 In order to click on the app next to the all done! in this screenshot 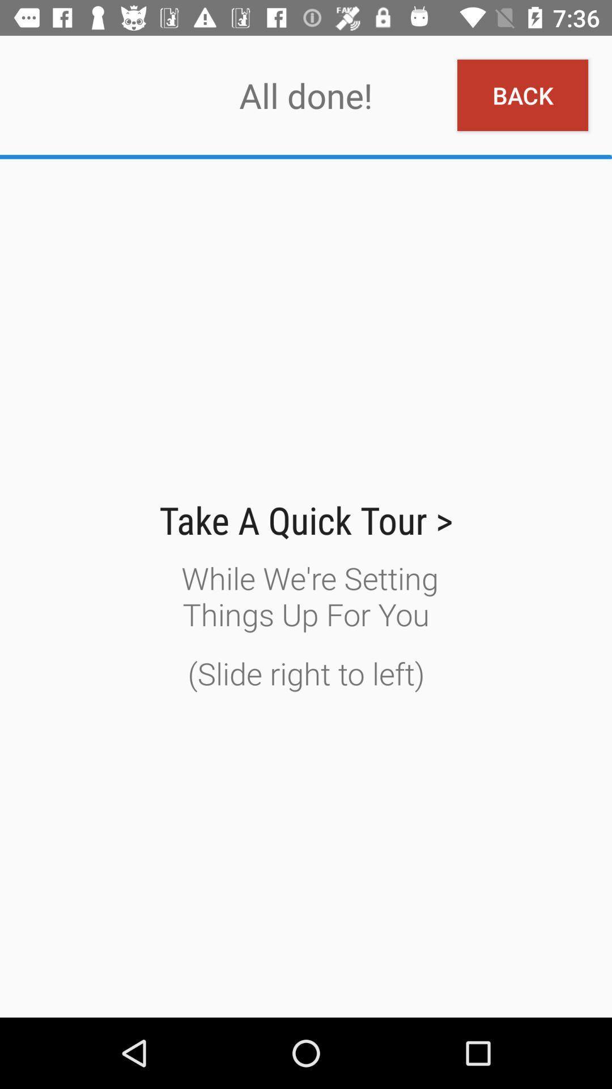, I will do `click(522, 95)`.